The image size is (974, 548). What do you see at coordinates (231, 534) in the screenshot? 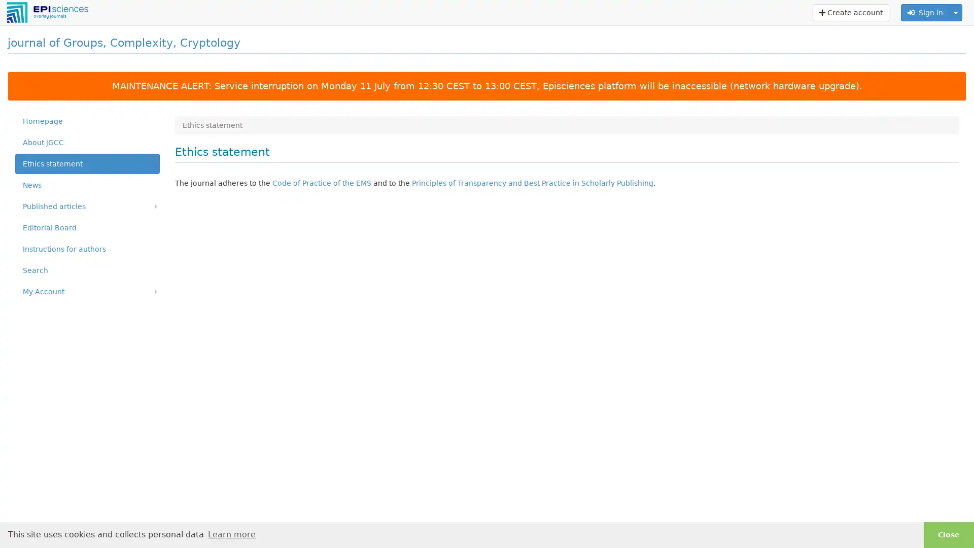
I see `learn more about cookies` at bounding box center [231, 534].